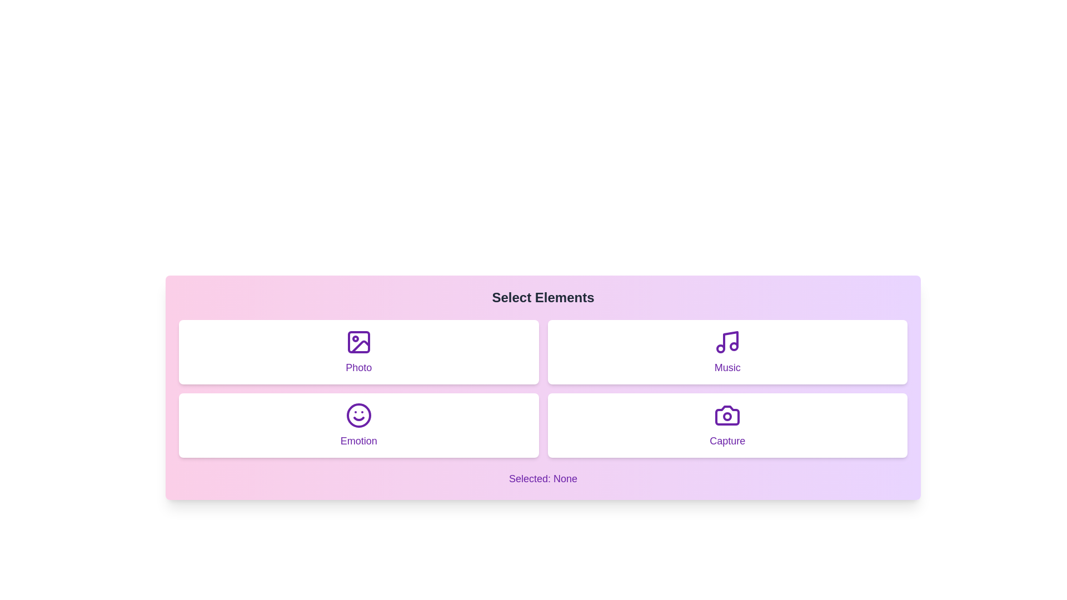 The image size is (1067, 600). What do you see at coordinates (358, 425) in the screenshot?
I see `the element Emotion by clicking on its corresponding button` at bounding box center [358, 425].